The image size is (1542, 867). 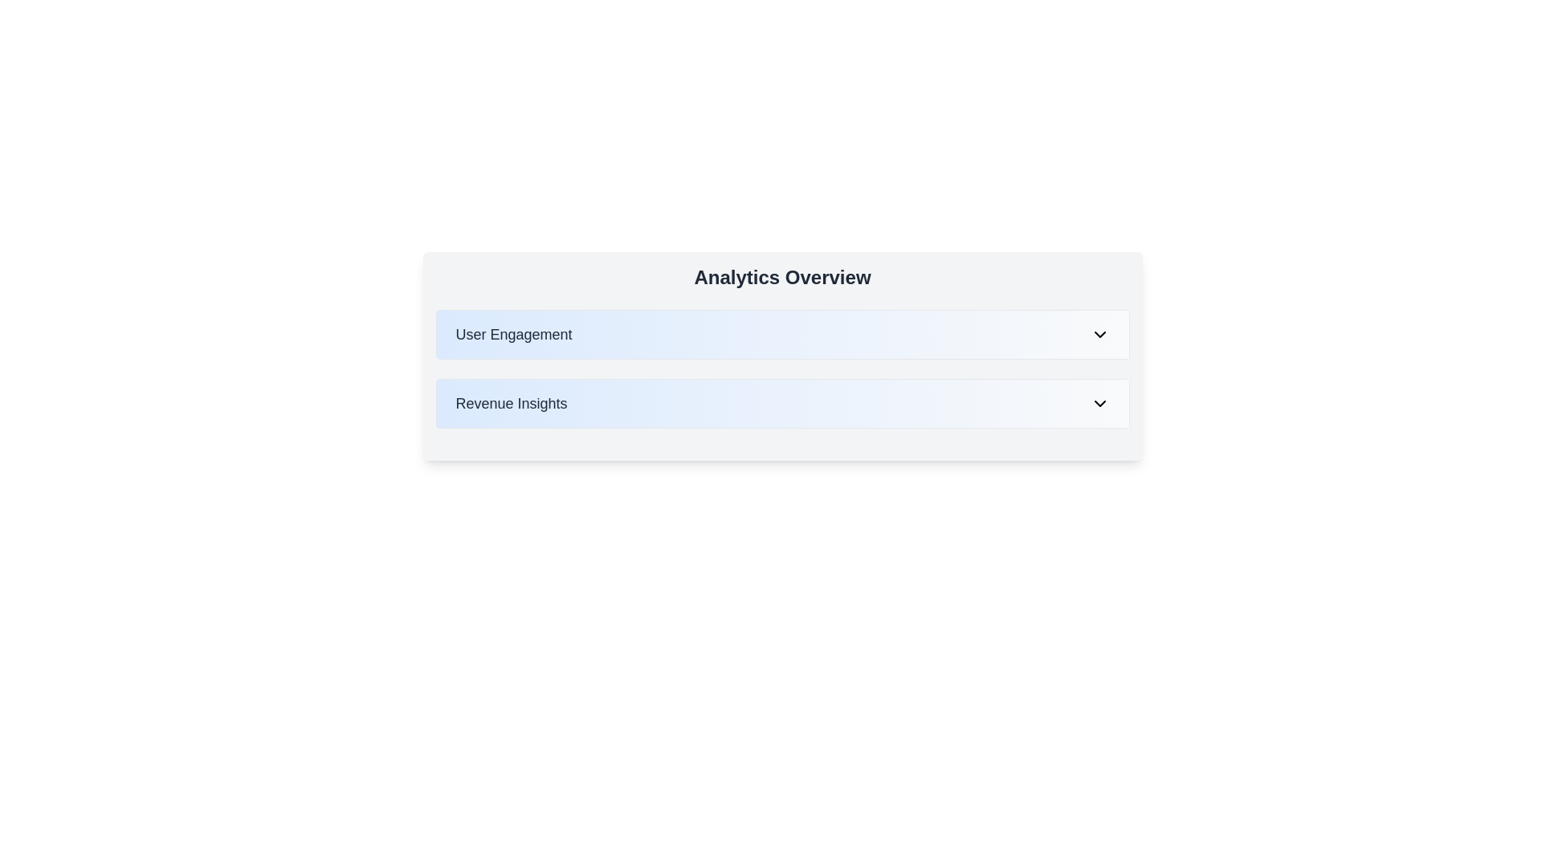 I want to click on the 'Revenue Insights' text label, which serves as a clickable heading, so click(x=511, y=402).